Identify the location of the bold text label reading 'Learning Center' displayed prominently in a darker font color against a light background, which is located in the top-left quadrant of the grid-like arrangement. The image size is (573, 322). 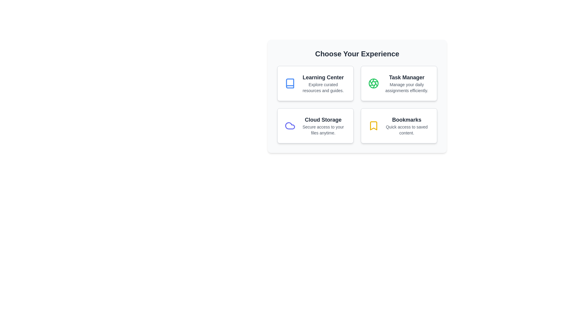
(323, 77).